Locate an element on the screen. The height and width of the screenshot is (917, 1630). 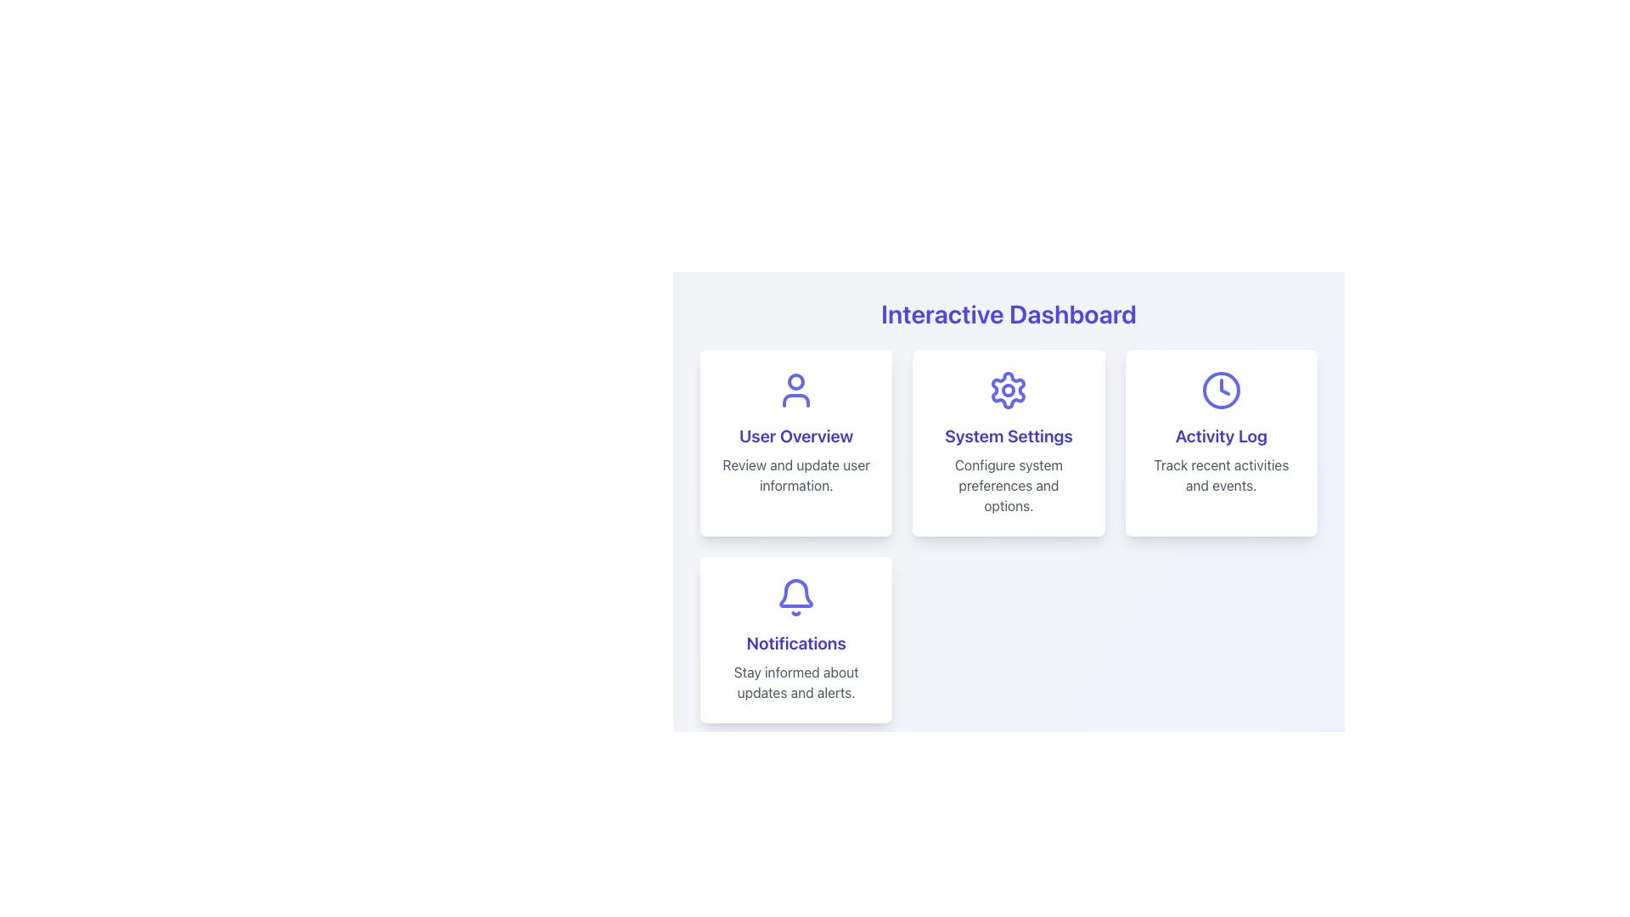
the header element that displays 'Interactive Dashboard', which is styled in bold, large indigo text and centered at the top of the content section is located at coordinates (1009, 314).